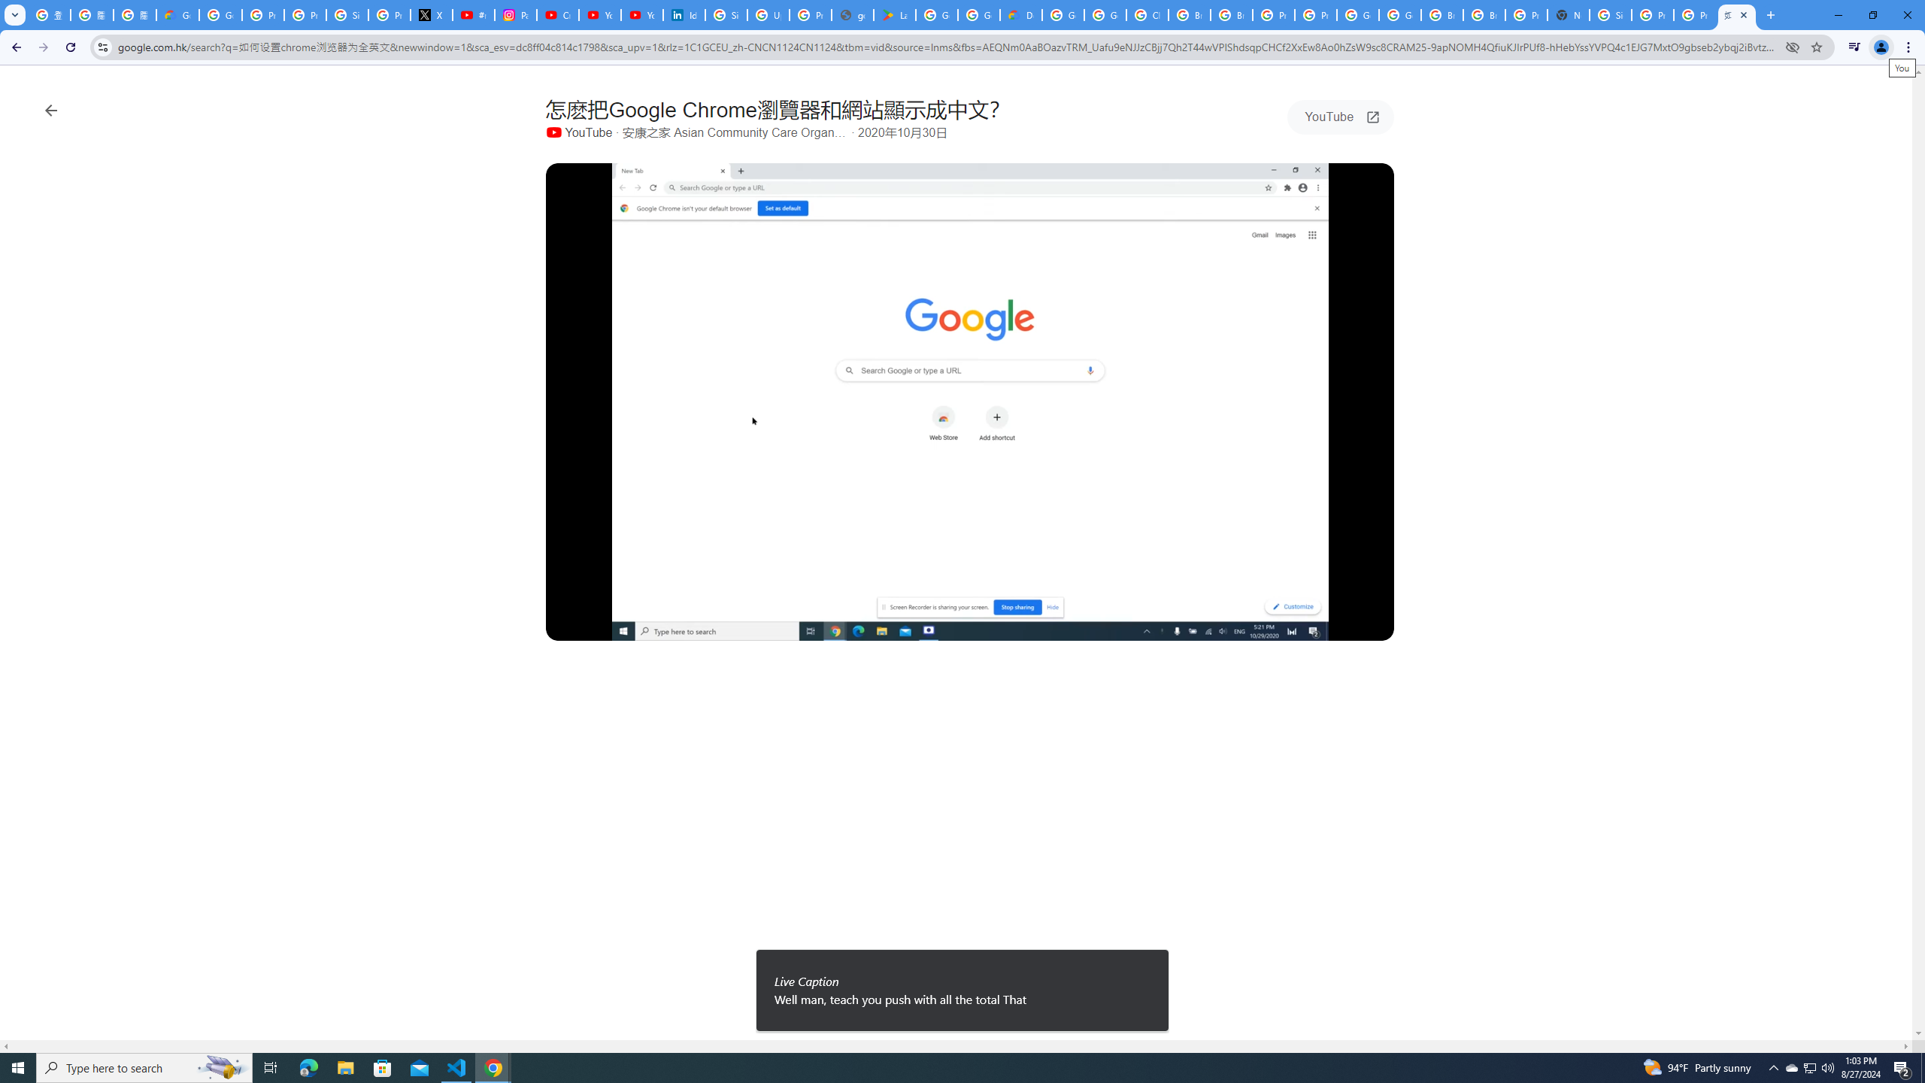  What do you see at coordinates (726, 14) in the screenshot?
I see `'Sign in - Google Accounts'` at bounding box center [726, 14].